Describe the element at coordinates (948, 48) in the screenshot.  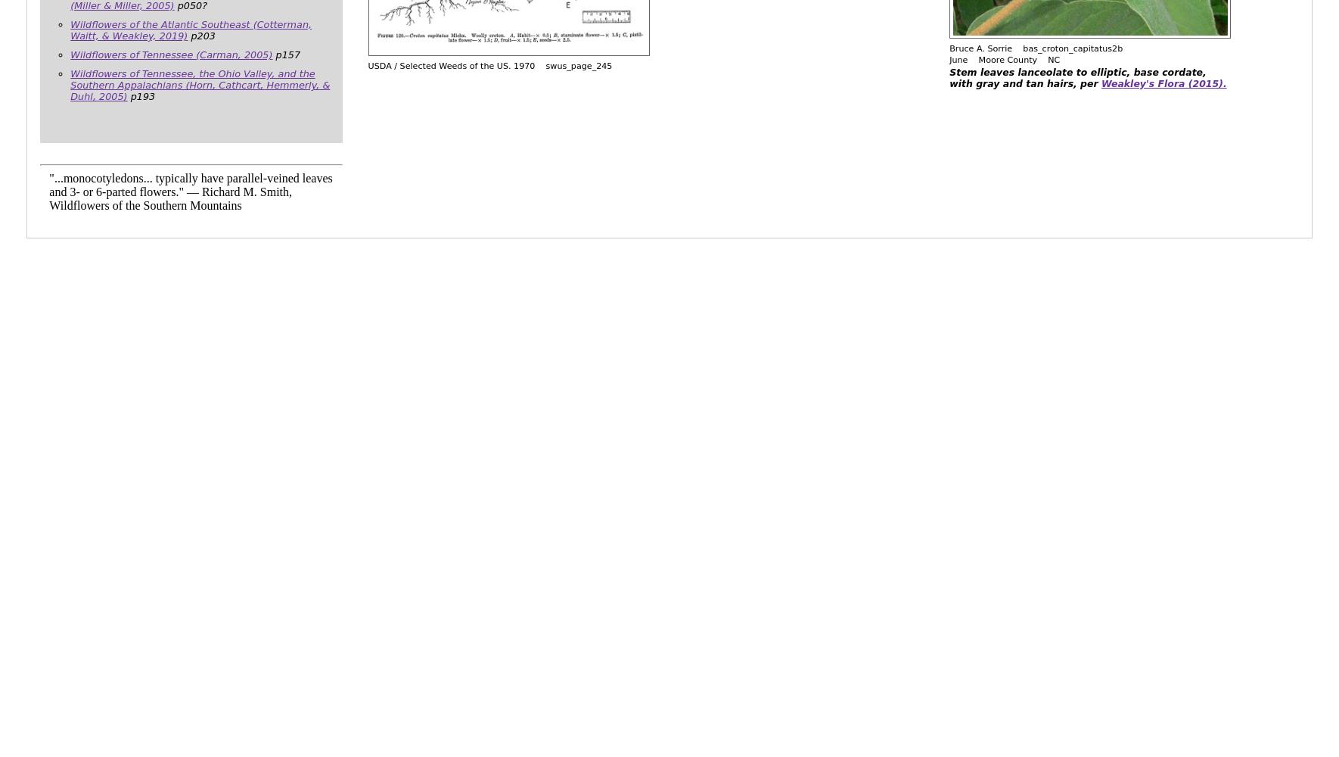
I see `'Bruce A. Sorrie    bas_croton_capitatus2b'` at that location.